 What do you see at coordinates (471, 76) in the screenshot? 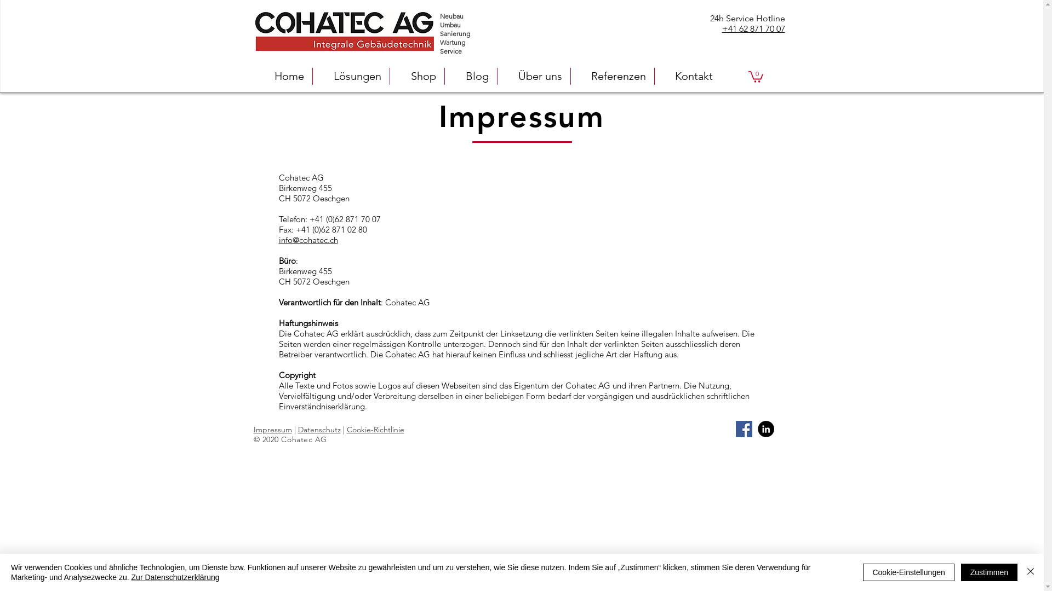
I see `'Blog'` at bounding box center [471, 76].